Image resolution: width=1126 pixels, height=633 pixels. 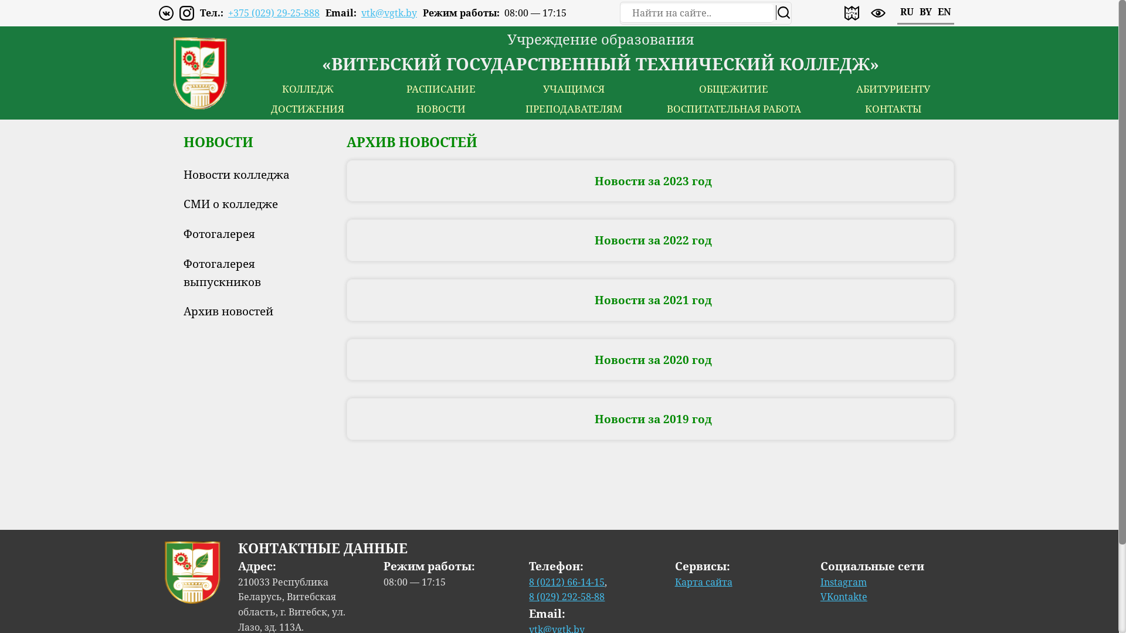 I want to click on 'RU', so click(x=906, y=12).